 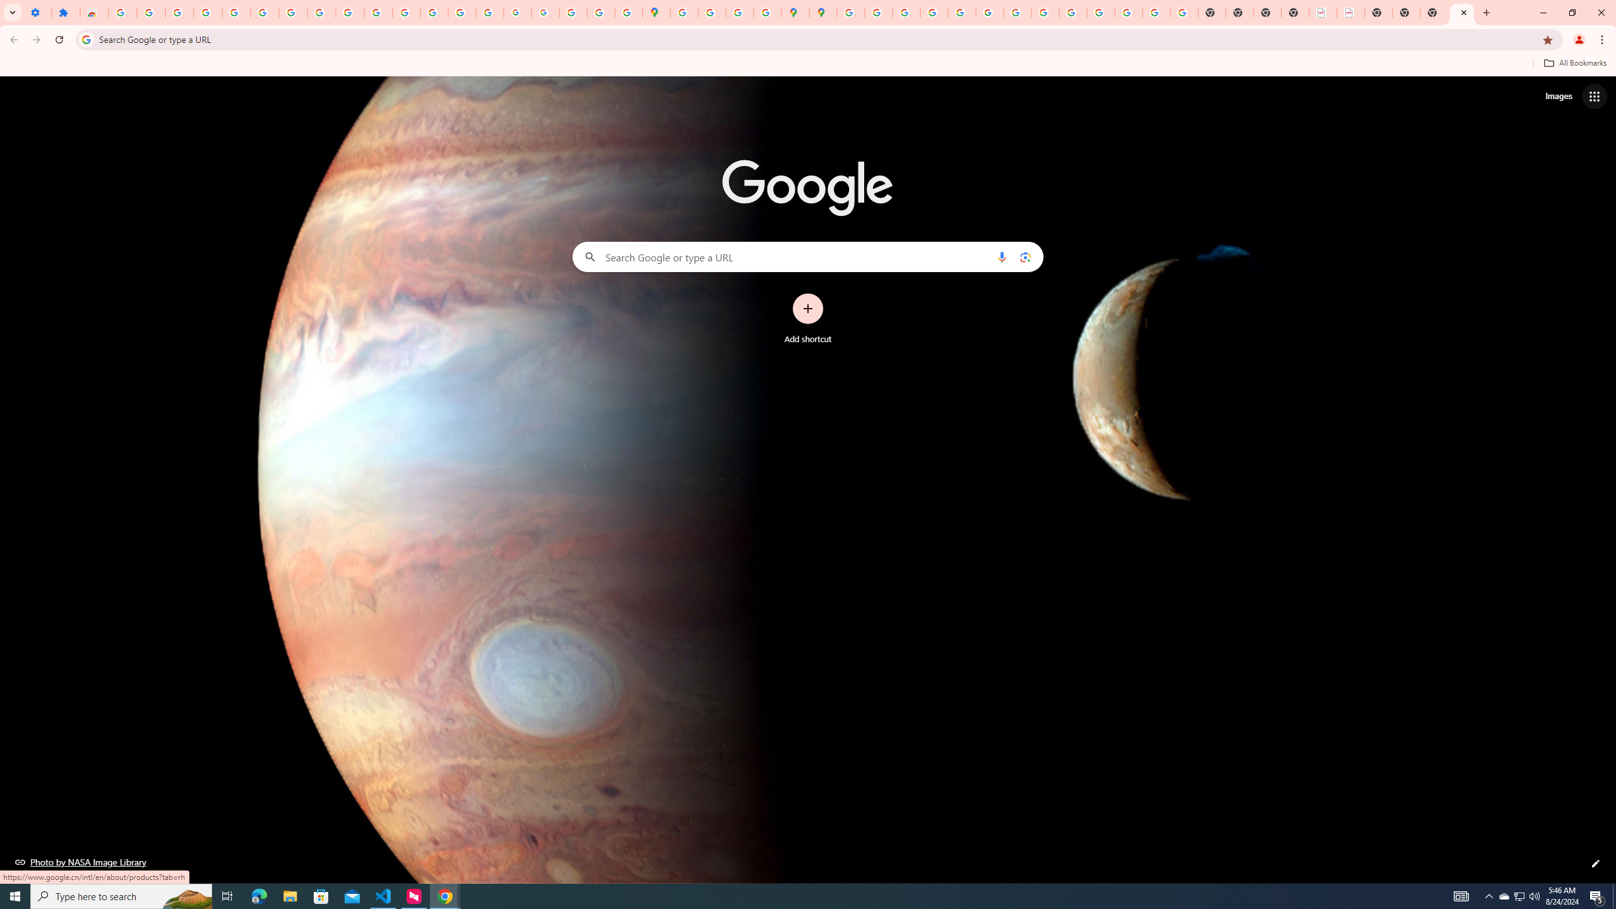 I want to click on 'Privacy Help Center - Policies Help', so click(x=906, y=12).